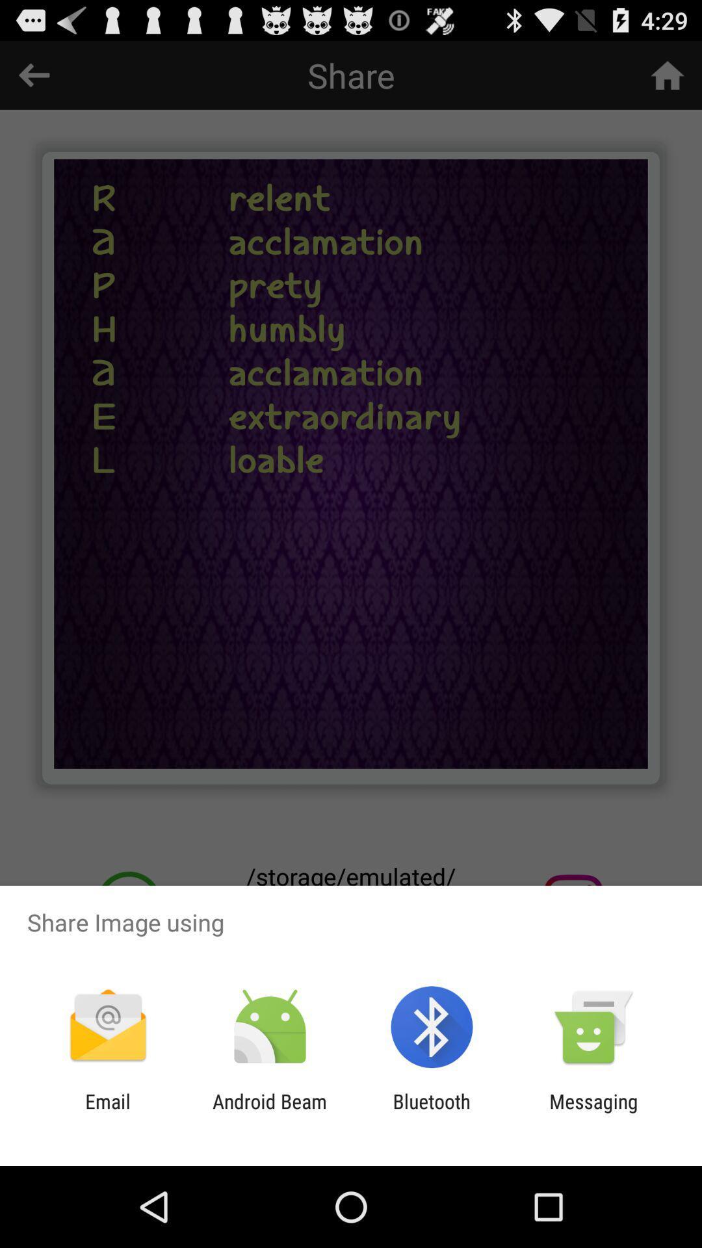  Describe the element at coordinates (107, 1112) in the screenshot. I see `email app` at that location.